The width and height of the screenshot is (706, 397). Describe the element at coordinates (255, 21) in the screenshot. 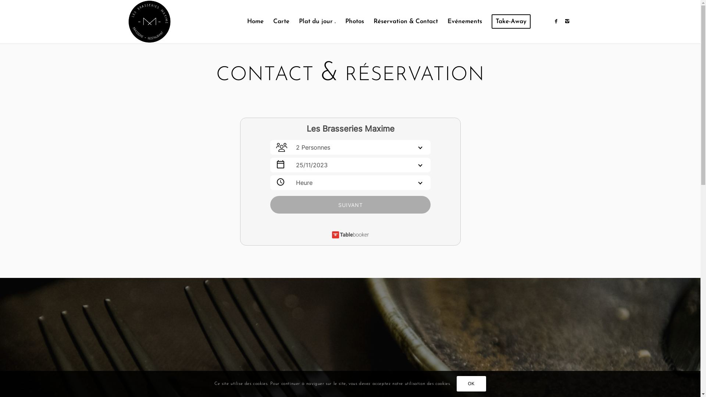

I see `'Home'` at that location.